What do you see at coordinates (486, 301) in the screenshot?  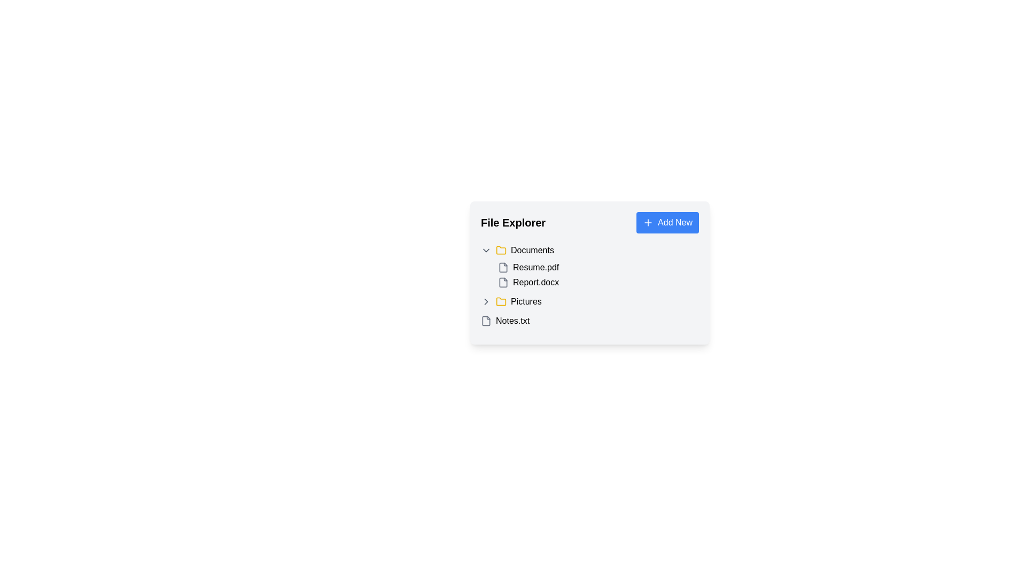 I see `the arrow icon next to the 'Pictures' label in the file explorer interface` at bounding box center [486, 301].